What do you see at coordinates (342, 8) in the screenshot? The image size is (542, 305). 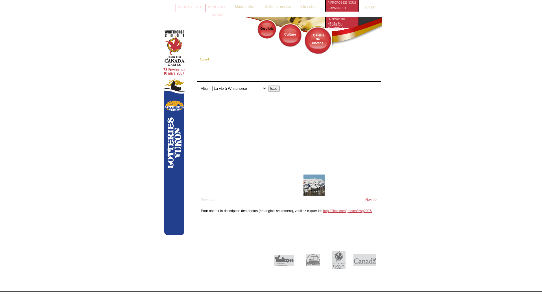 I see `'COMMANDITE'` at bounding box center [342, 8].